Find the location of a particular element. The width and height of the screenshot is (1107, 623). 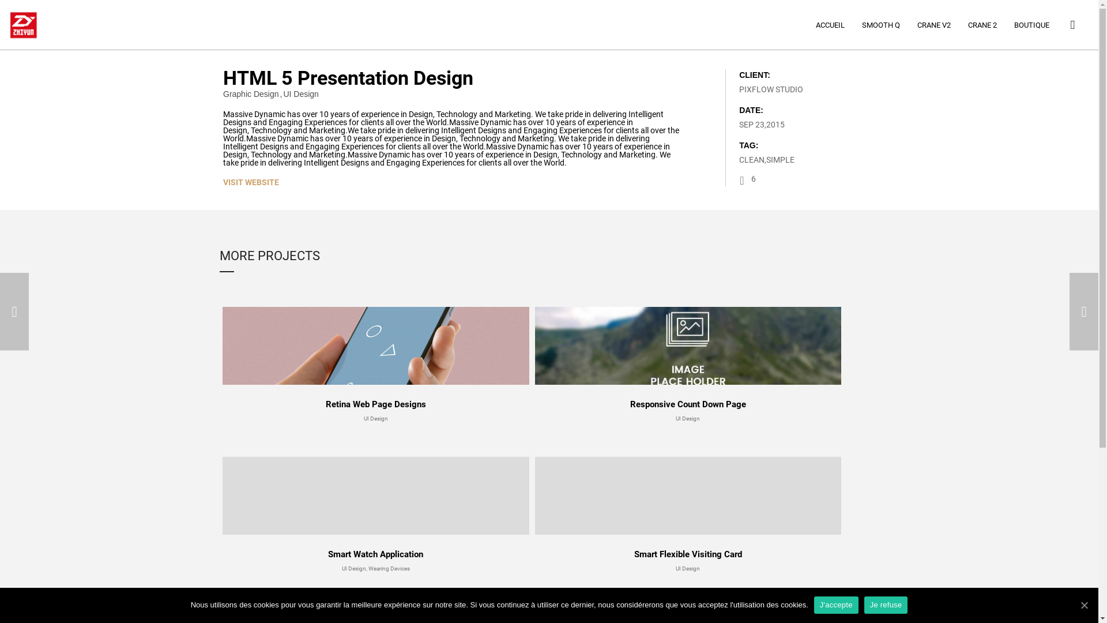

'CRANE 2' is located at coordinates (982, 25).